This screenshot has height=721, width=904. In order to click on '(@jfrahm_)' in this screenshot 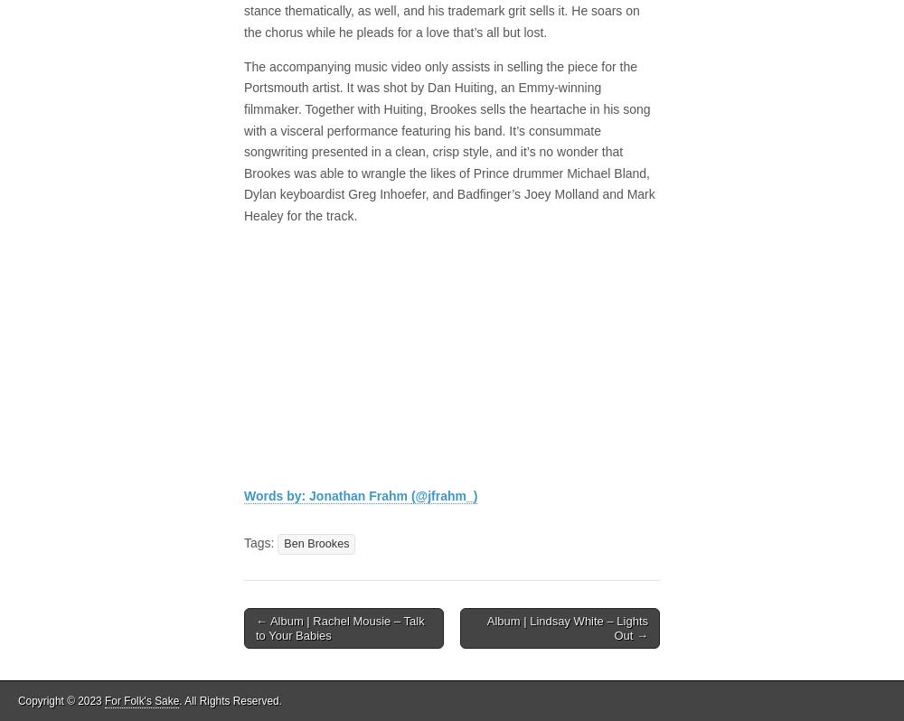, I will do `click(443, 496)`.